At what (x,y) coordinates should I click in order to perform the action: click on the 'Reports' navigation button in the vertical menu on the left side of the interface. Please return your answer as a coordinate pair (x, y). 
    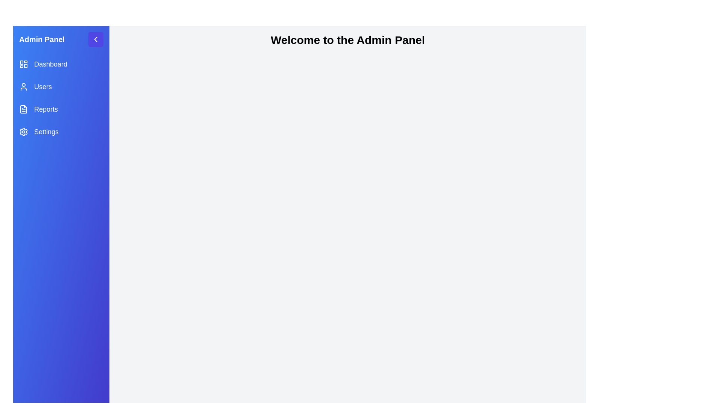
    Looking at the image, I should click on (38, 109).